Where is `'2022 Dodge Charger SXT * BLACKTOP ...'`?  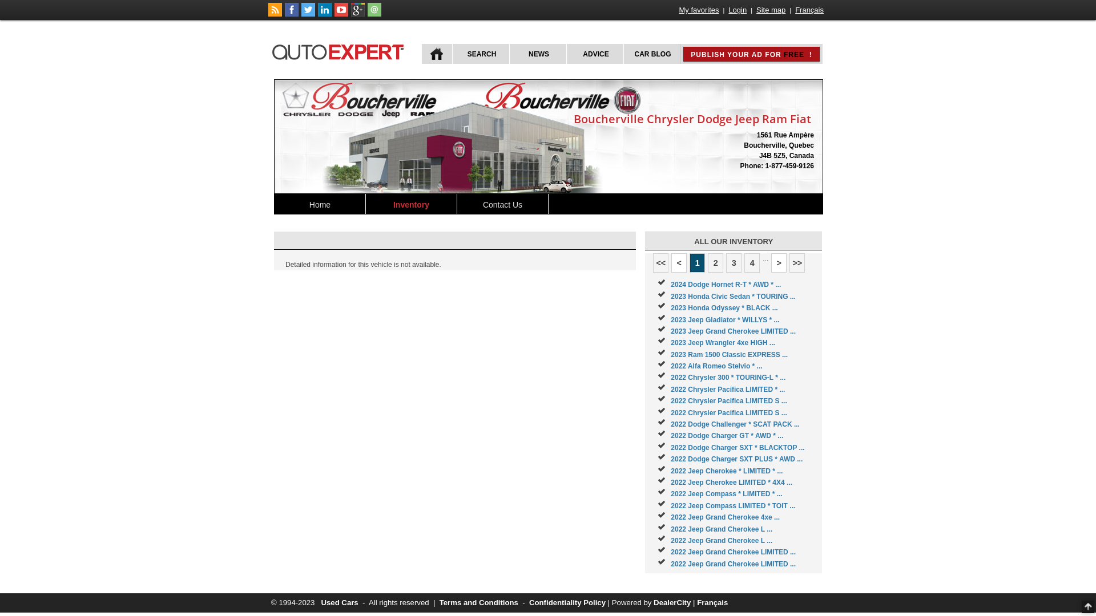
'2022 Dodge Charger SXT * BLACKTOP ...' is located at coordinates (737, 447).